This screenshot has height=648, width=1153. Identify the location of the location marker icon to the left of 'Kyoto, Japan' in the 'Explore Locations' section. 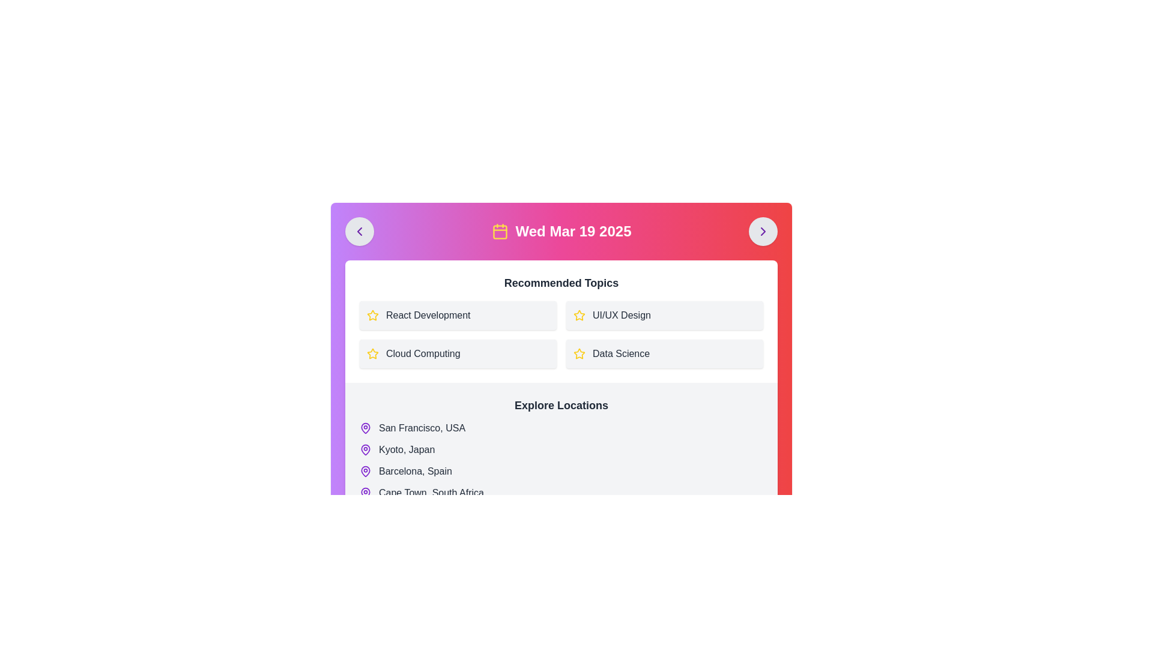
(365, 449).